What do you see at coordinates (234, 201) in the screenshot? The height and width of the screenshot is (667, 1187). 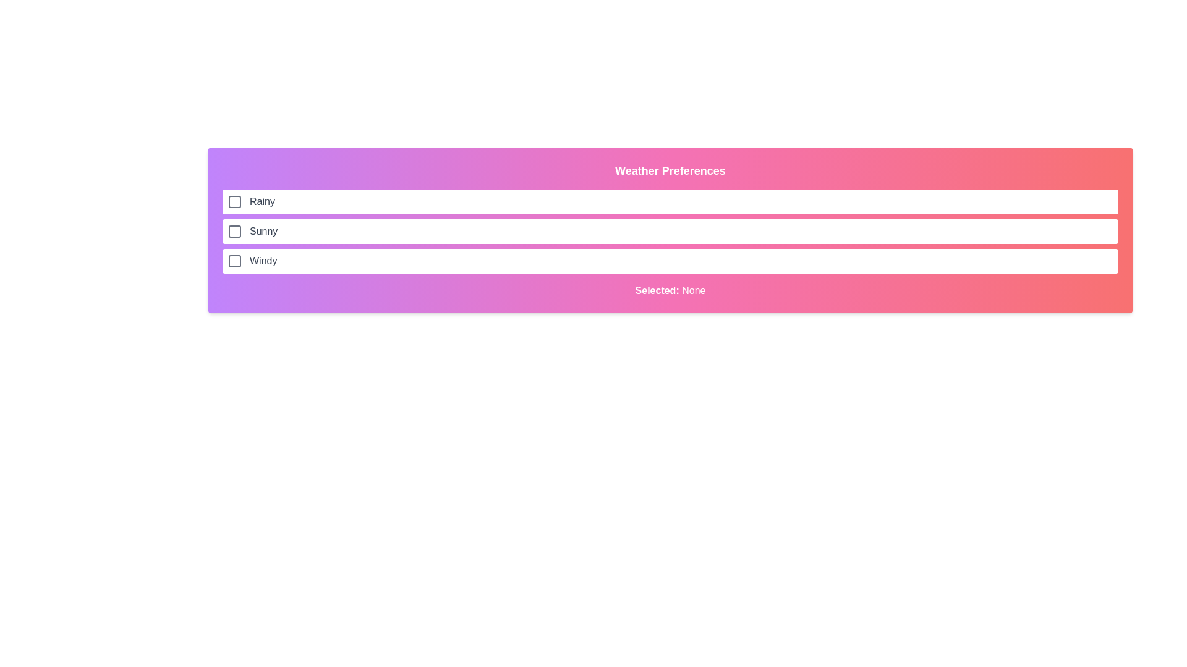 I see `the 'Rainy' checkbox, which is a square shape with rounded corners` at bounding box center [234, 201].